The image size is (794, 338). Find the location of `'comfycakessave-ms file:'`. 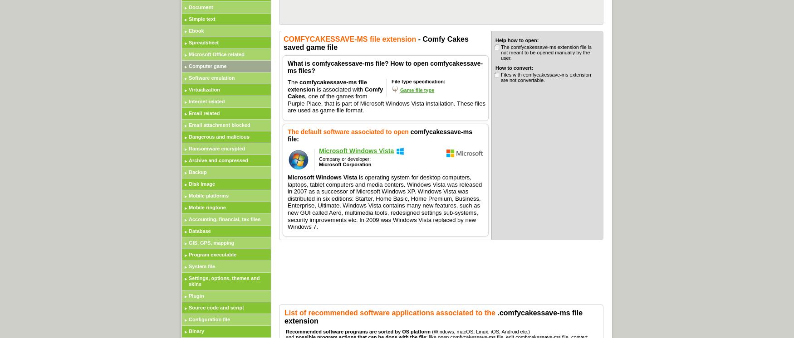

'comfycakessave-ms file:' is located at coordinates (380, 135).